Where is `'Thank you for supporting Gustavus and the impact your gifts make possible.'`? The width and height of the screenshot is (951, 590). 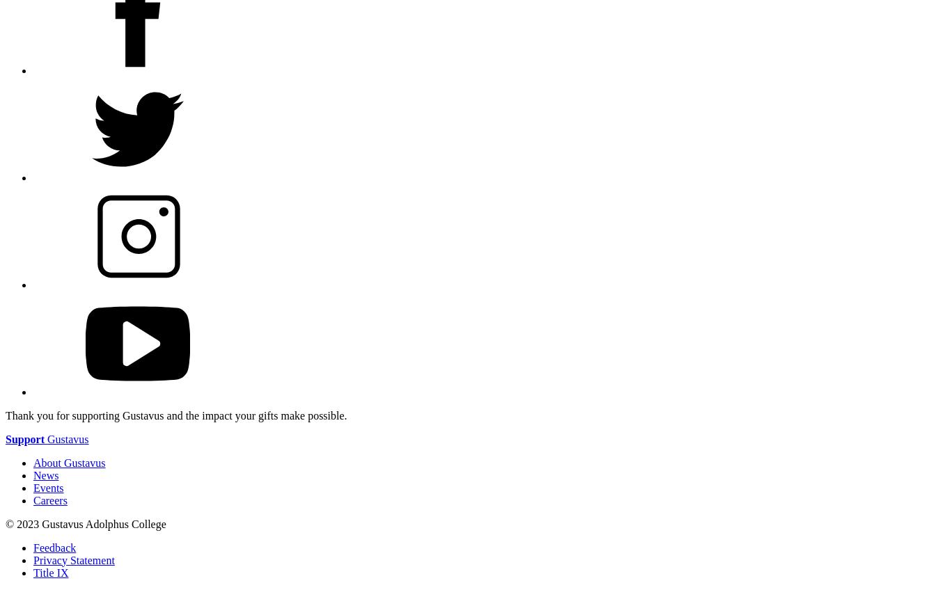 'Thank you for supporting Gustavus and the impact your gifts make possible.' is located at coordinates (6, 415).